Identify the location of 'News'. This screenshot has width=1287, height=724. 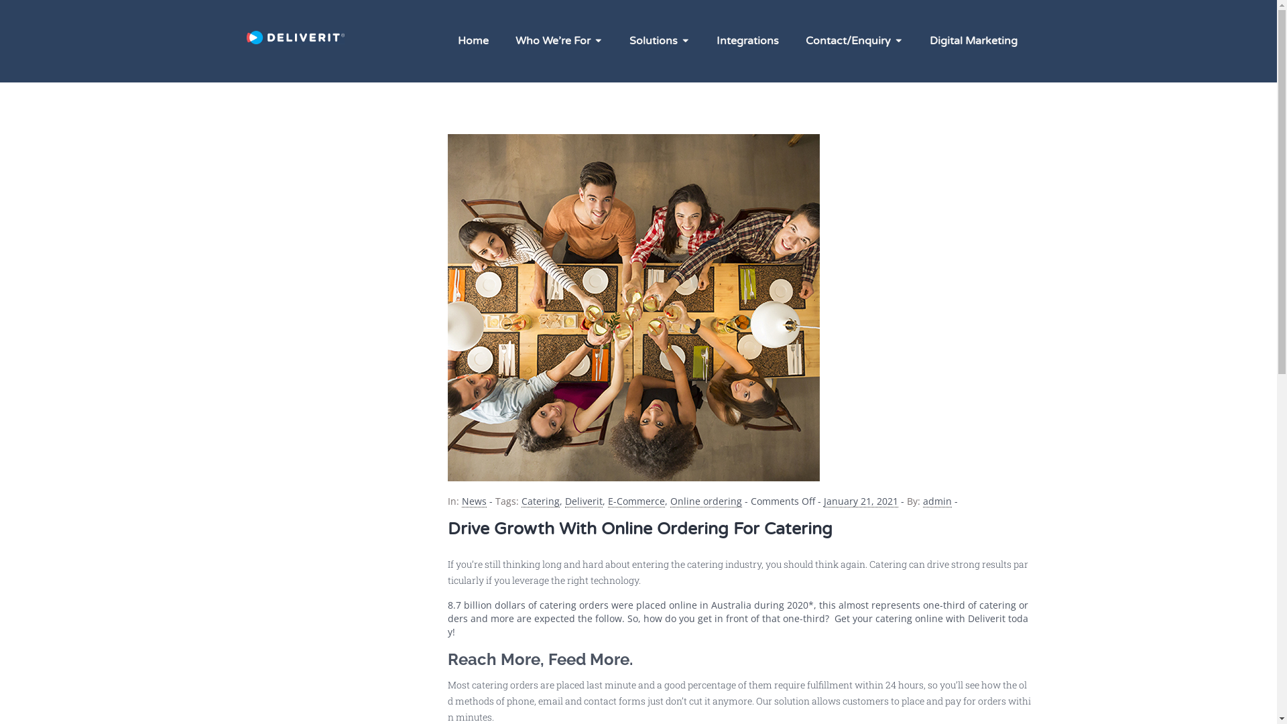
(473, 501).